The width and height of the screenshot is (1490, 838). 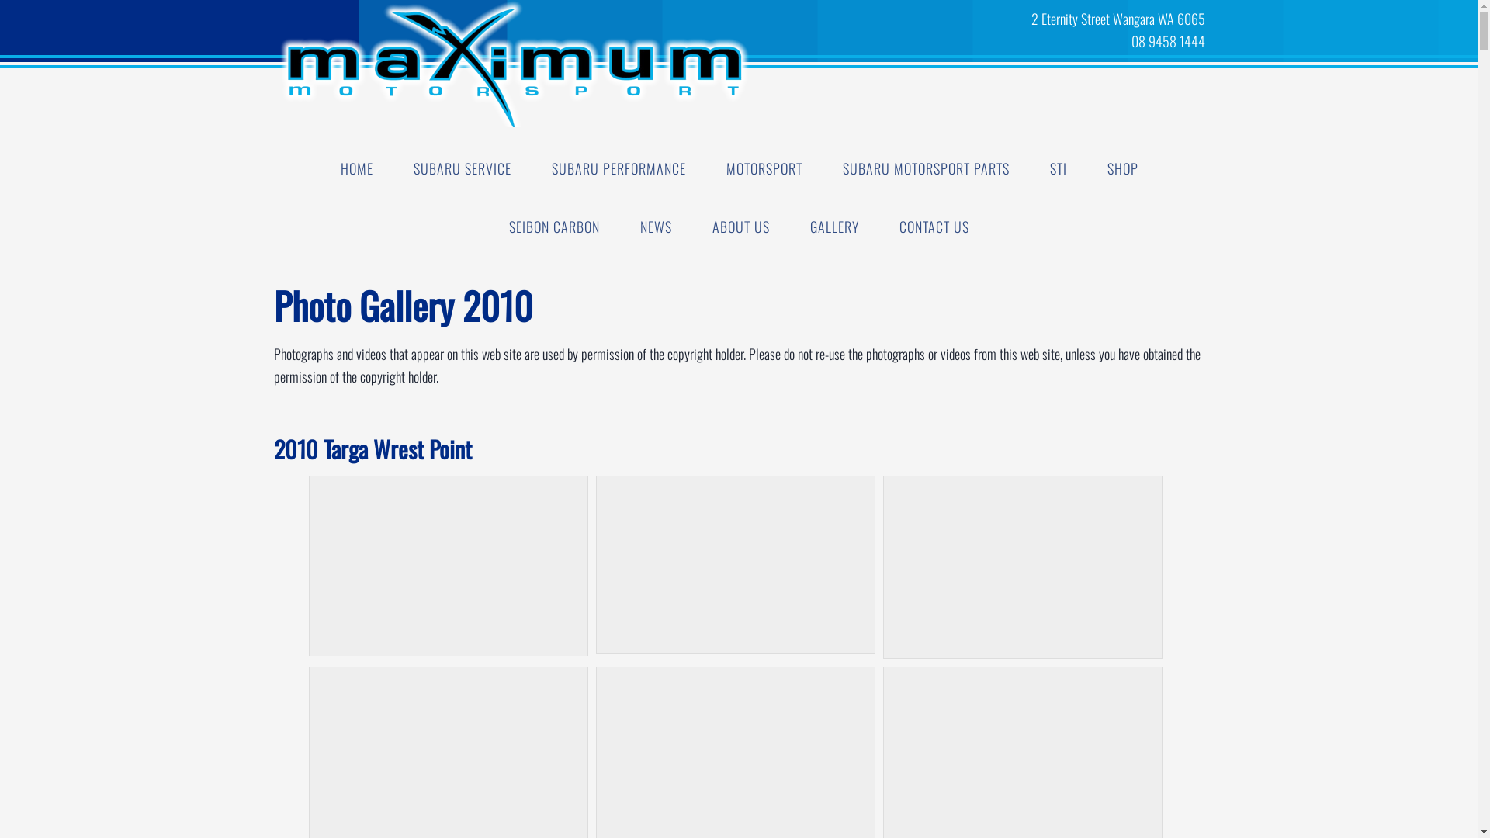 What do you see at coordinates (617, 168) in the screenshot?
I see `'SUBARU PERFORMANCE'` at bounding box center [617, 168].